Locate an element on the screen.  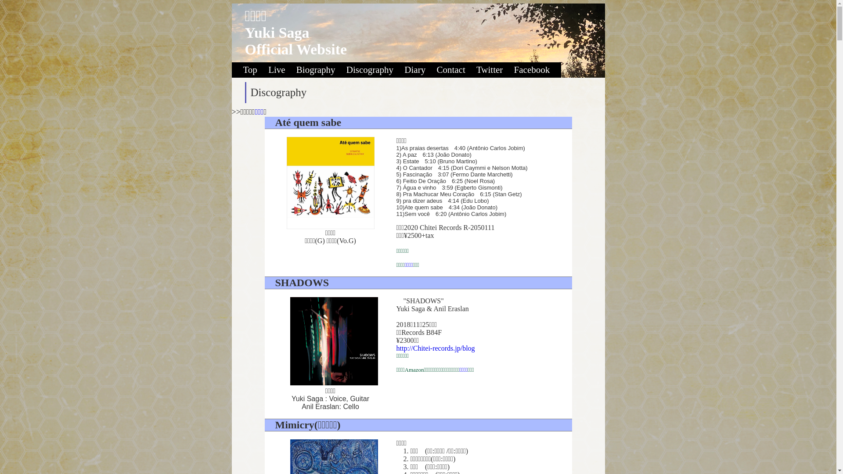
'Twitter' is located at coordinates (494, 69).